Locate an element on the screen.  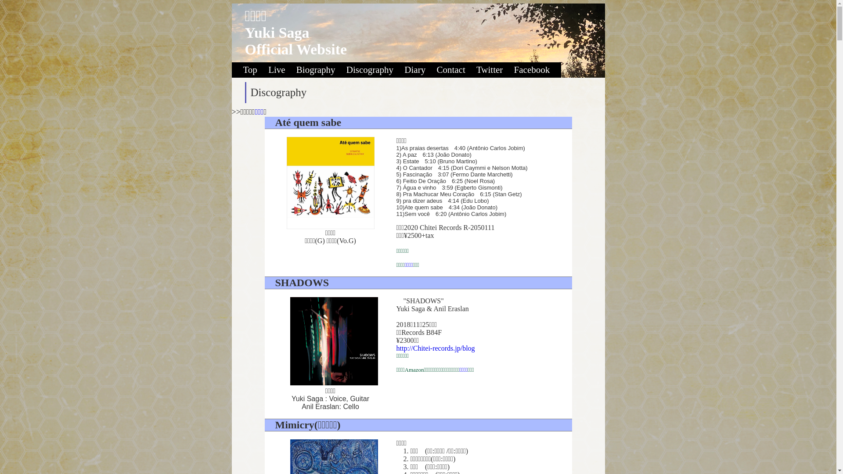
'Twitter' is located at coordinates (494, 69).